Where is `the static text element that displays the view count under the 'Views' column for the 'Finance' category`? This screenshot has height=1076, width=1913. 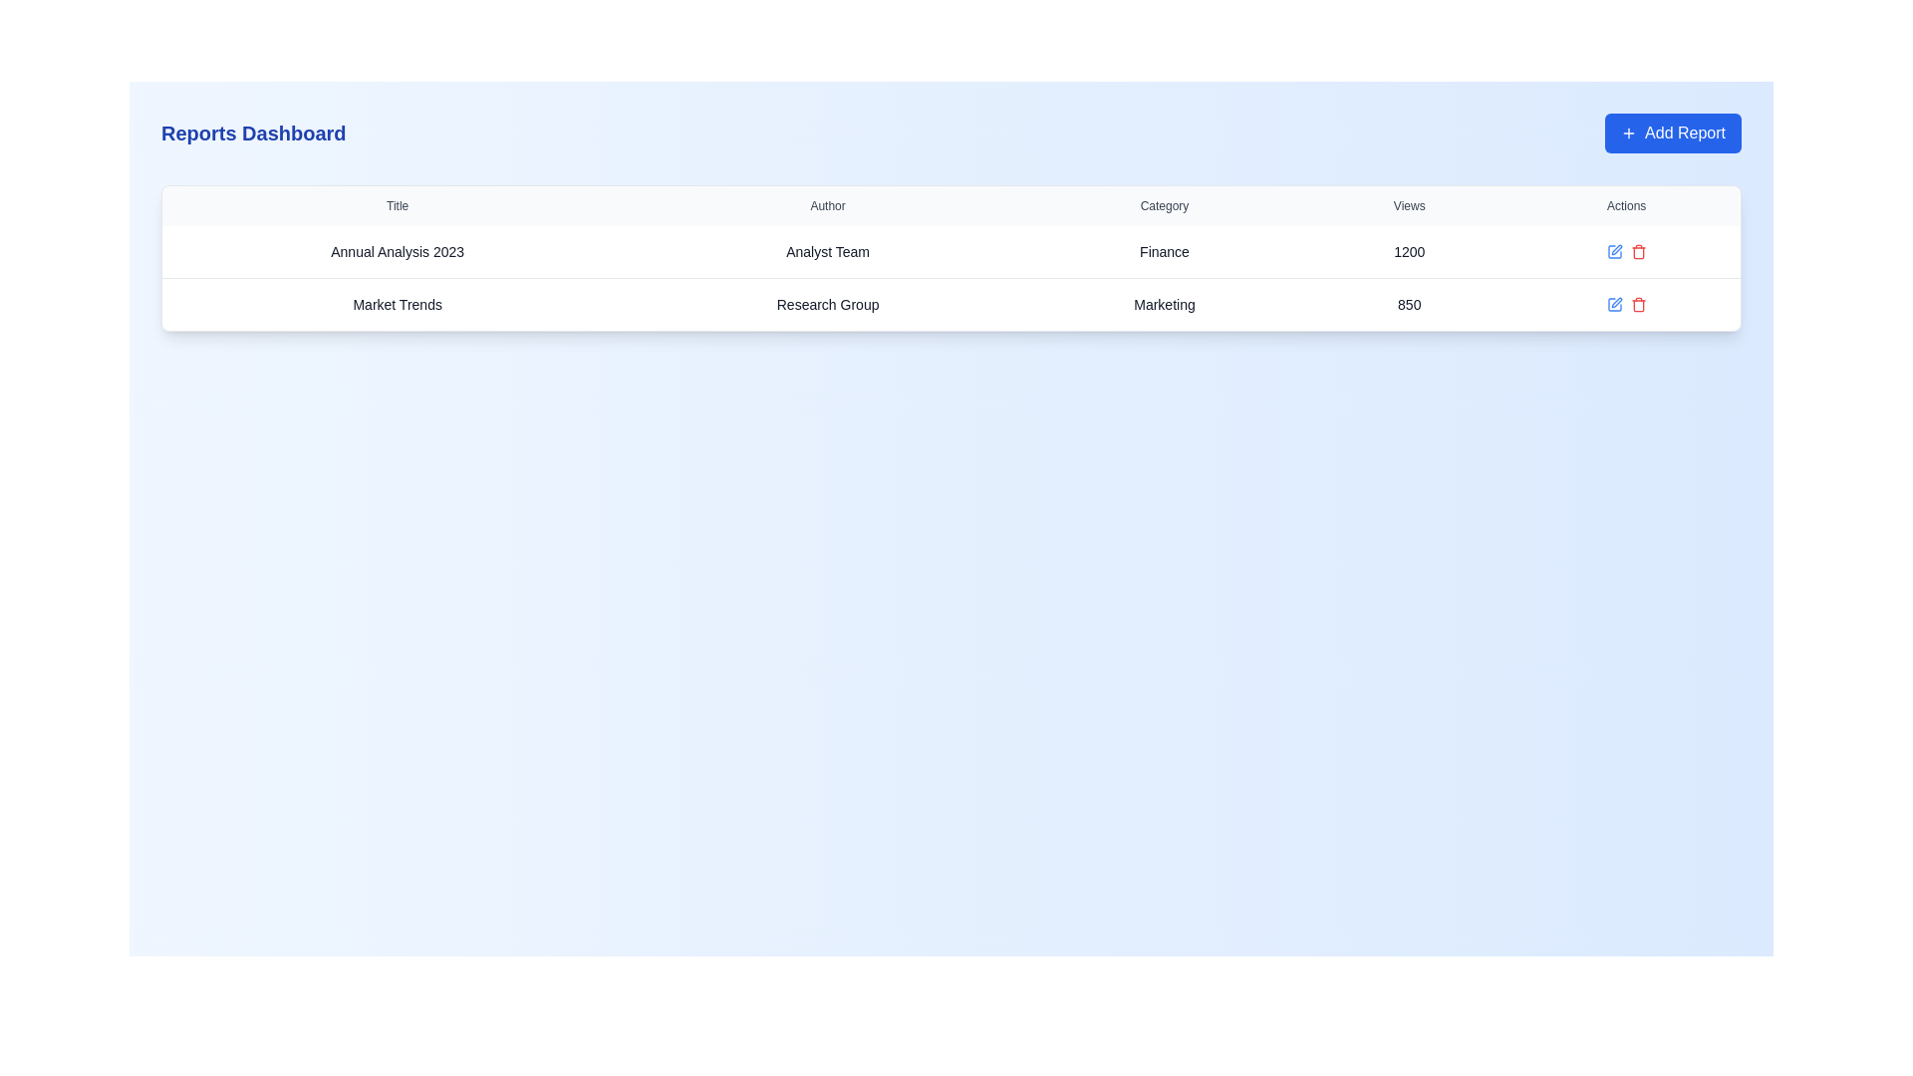
the static text element that displays the view count under the 'Views' column for the 'Finance' category is located at coordinates (1408, 251).